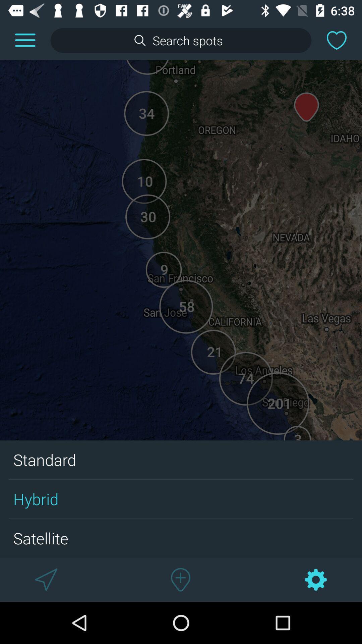 This screenshot has height=644, width=362. Describe the element at coordinates (337, 40) in the screenshot. I see `the favorite icon` at that location.